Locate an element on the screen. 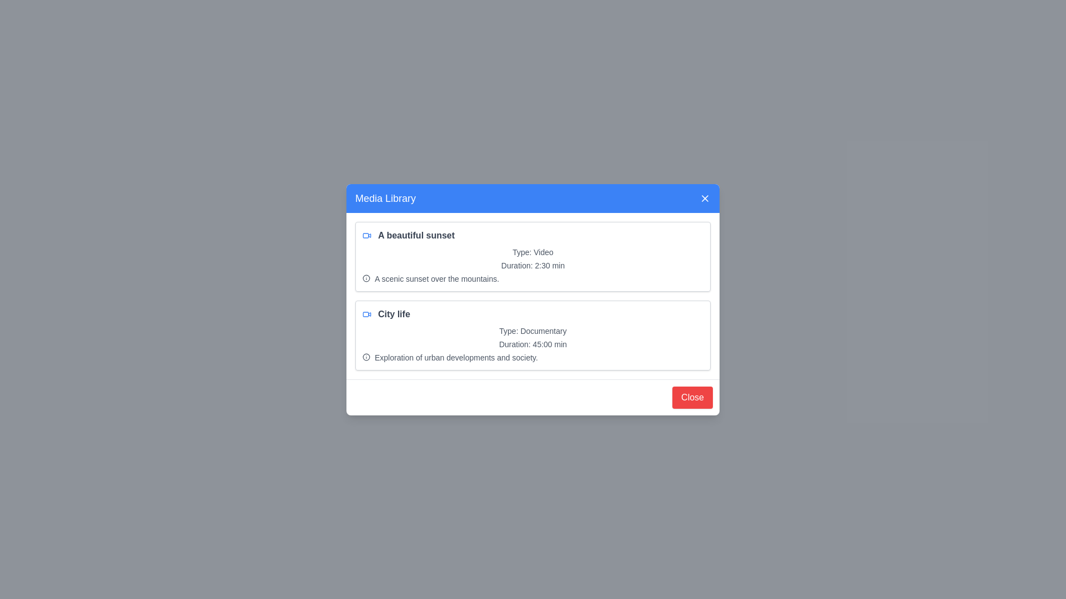  the close button represented by the SVG graphic in the top-right corner of the 'Media Library' dialog box is located at coordinates (705, 197).